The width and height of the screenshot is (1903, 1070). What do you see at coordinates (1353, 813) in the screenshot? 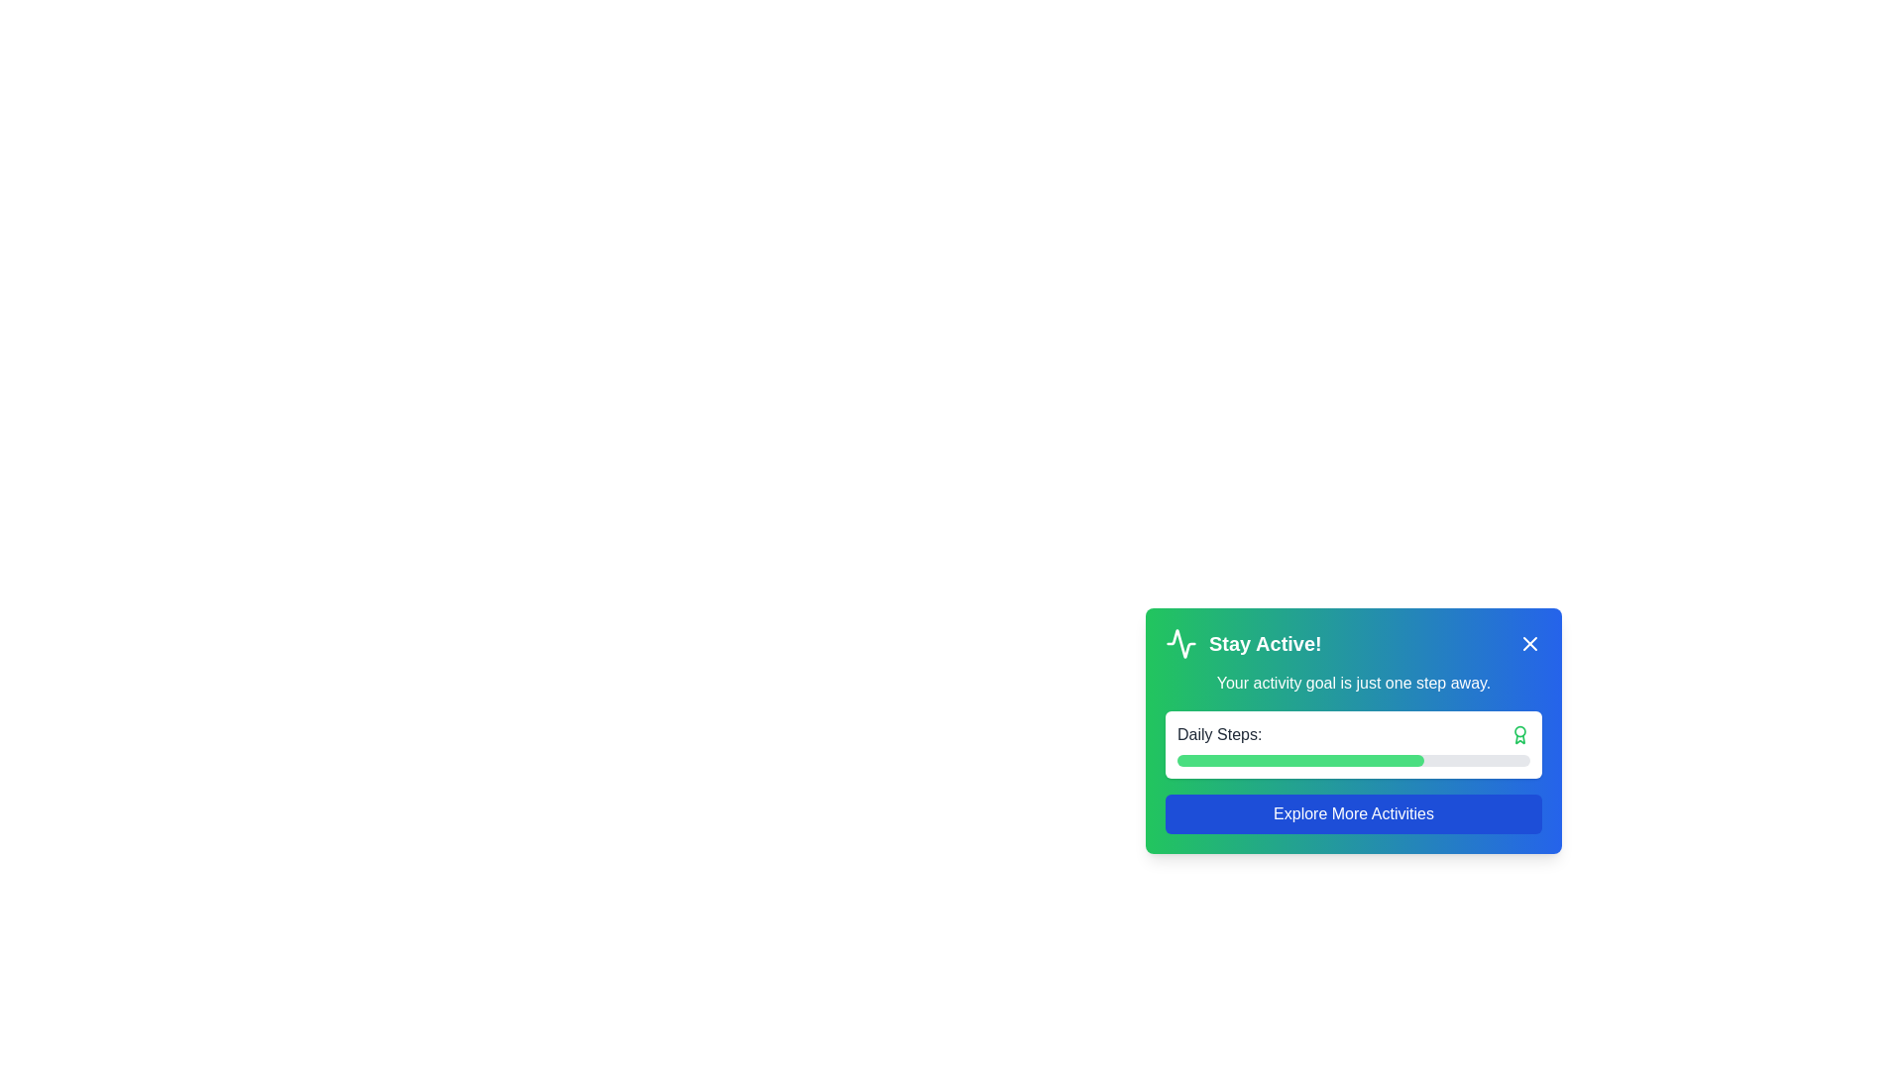
I see `the 'Explore More Activities' button` at bounding box center [1353, 813].